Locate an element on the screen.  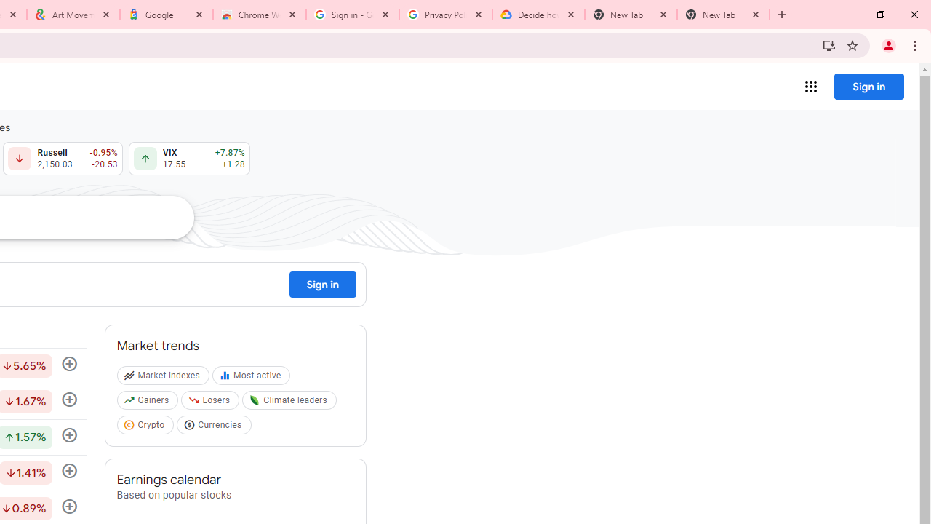
'Losers' is located at coordinates (211, 403).